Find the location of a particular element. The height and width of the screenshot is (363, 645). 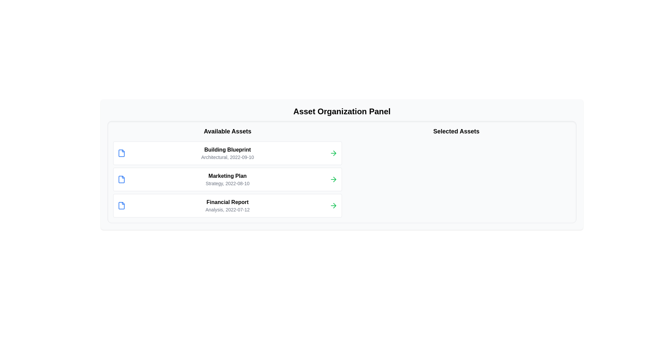

the second List item card labeled 'Marketing Plan' is located at coordinates (227, 179).